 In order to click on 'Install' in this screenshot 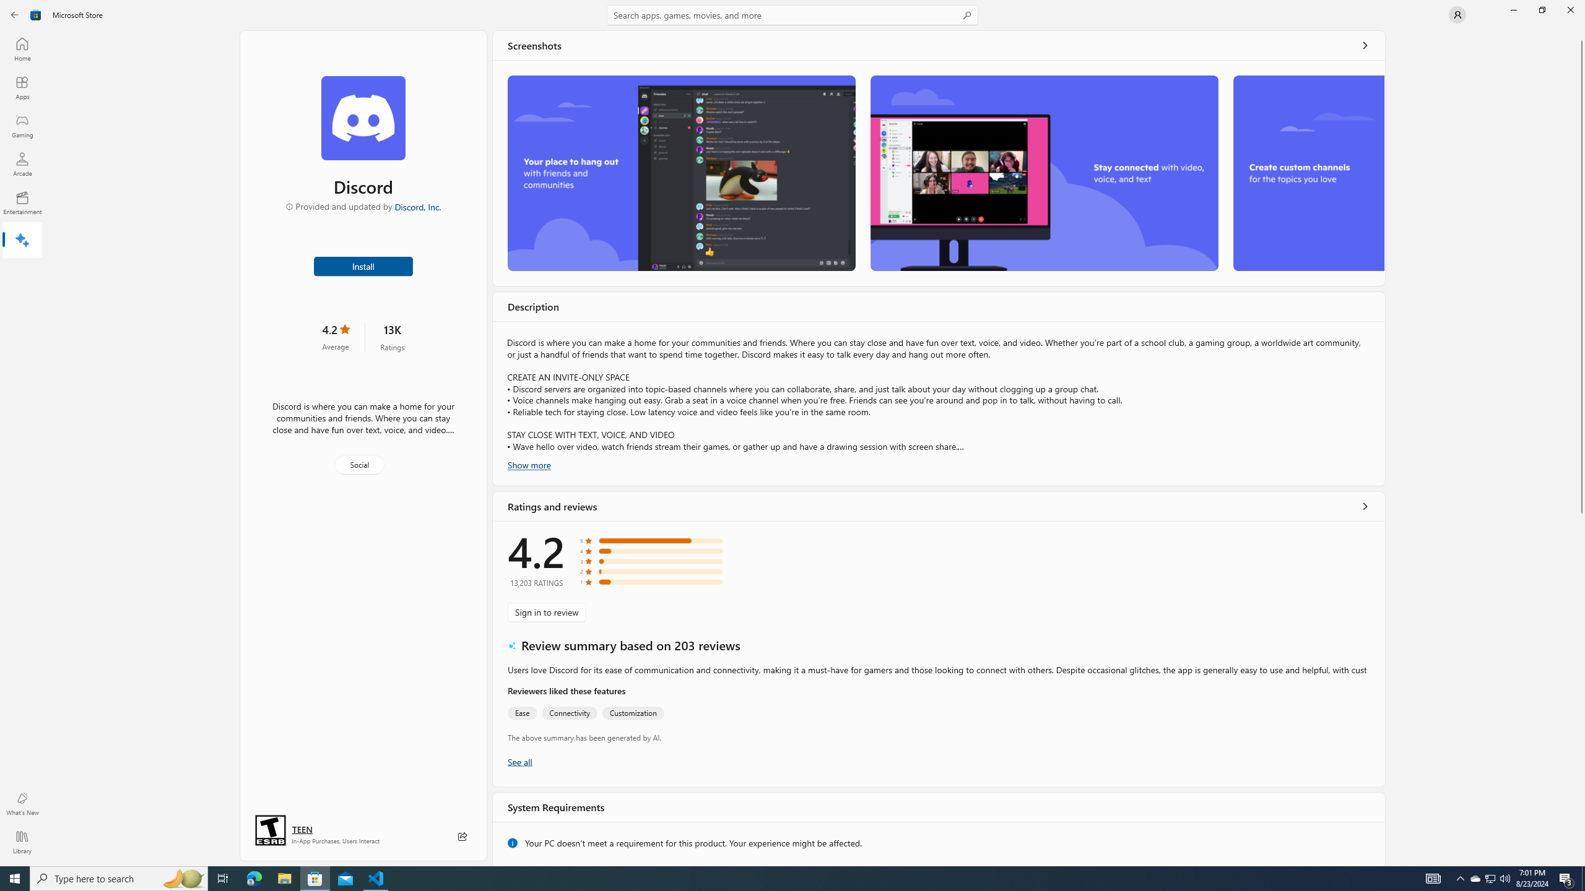, I will do `click(363, 265)`.